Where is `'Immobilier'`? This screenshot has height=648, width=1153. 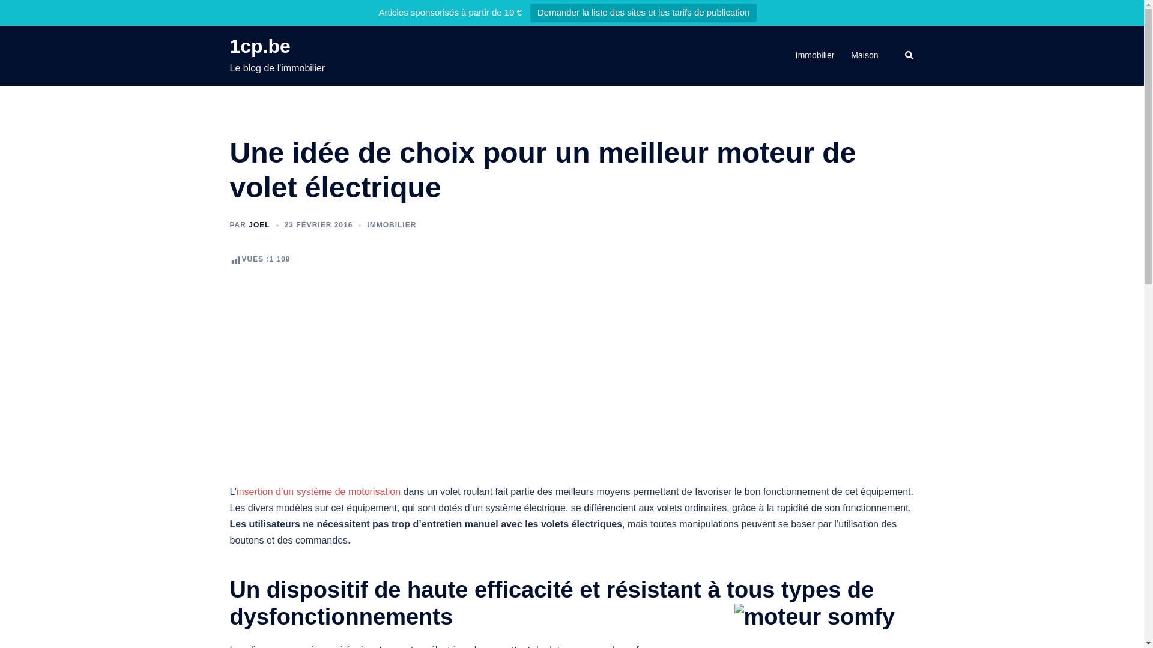 'Immobilier' is located at coordinates (815, 55).